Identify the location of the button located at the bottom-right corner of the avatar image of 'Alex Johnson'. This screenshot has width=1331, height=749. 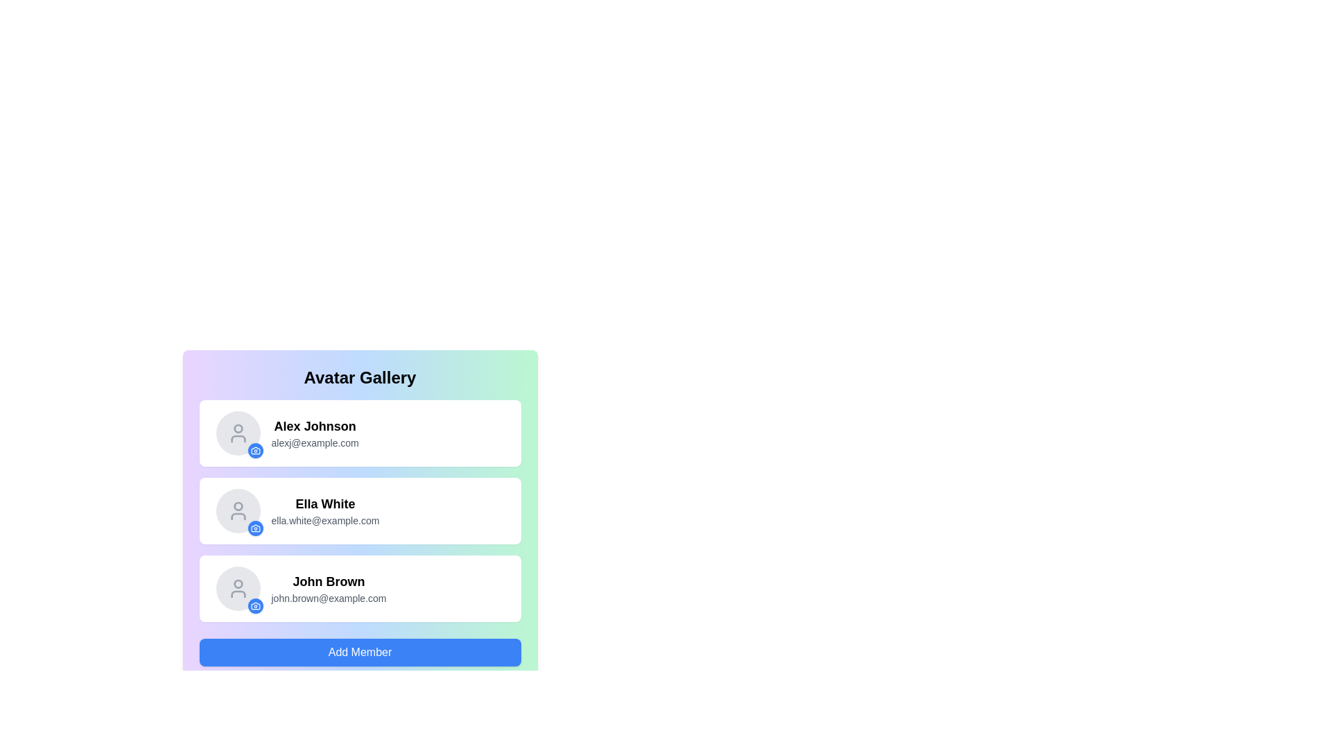
(255, 451).